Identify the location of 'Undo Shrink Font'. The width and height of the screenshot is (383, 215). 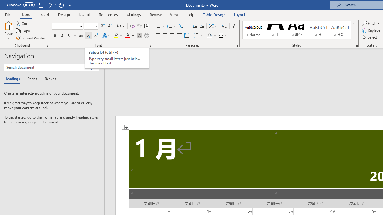
(49, 5).